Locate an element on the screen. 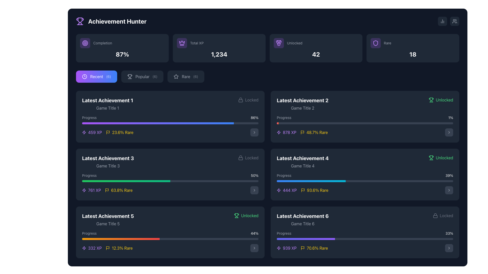 The width and height of the screenshot is (488, 274). the icon button located at the bottom-right corner of the card displaying 'Latest Achievement 2' to initiate navigation for more information about the associated achievement is located at coordinates (449, 132).